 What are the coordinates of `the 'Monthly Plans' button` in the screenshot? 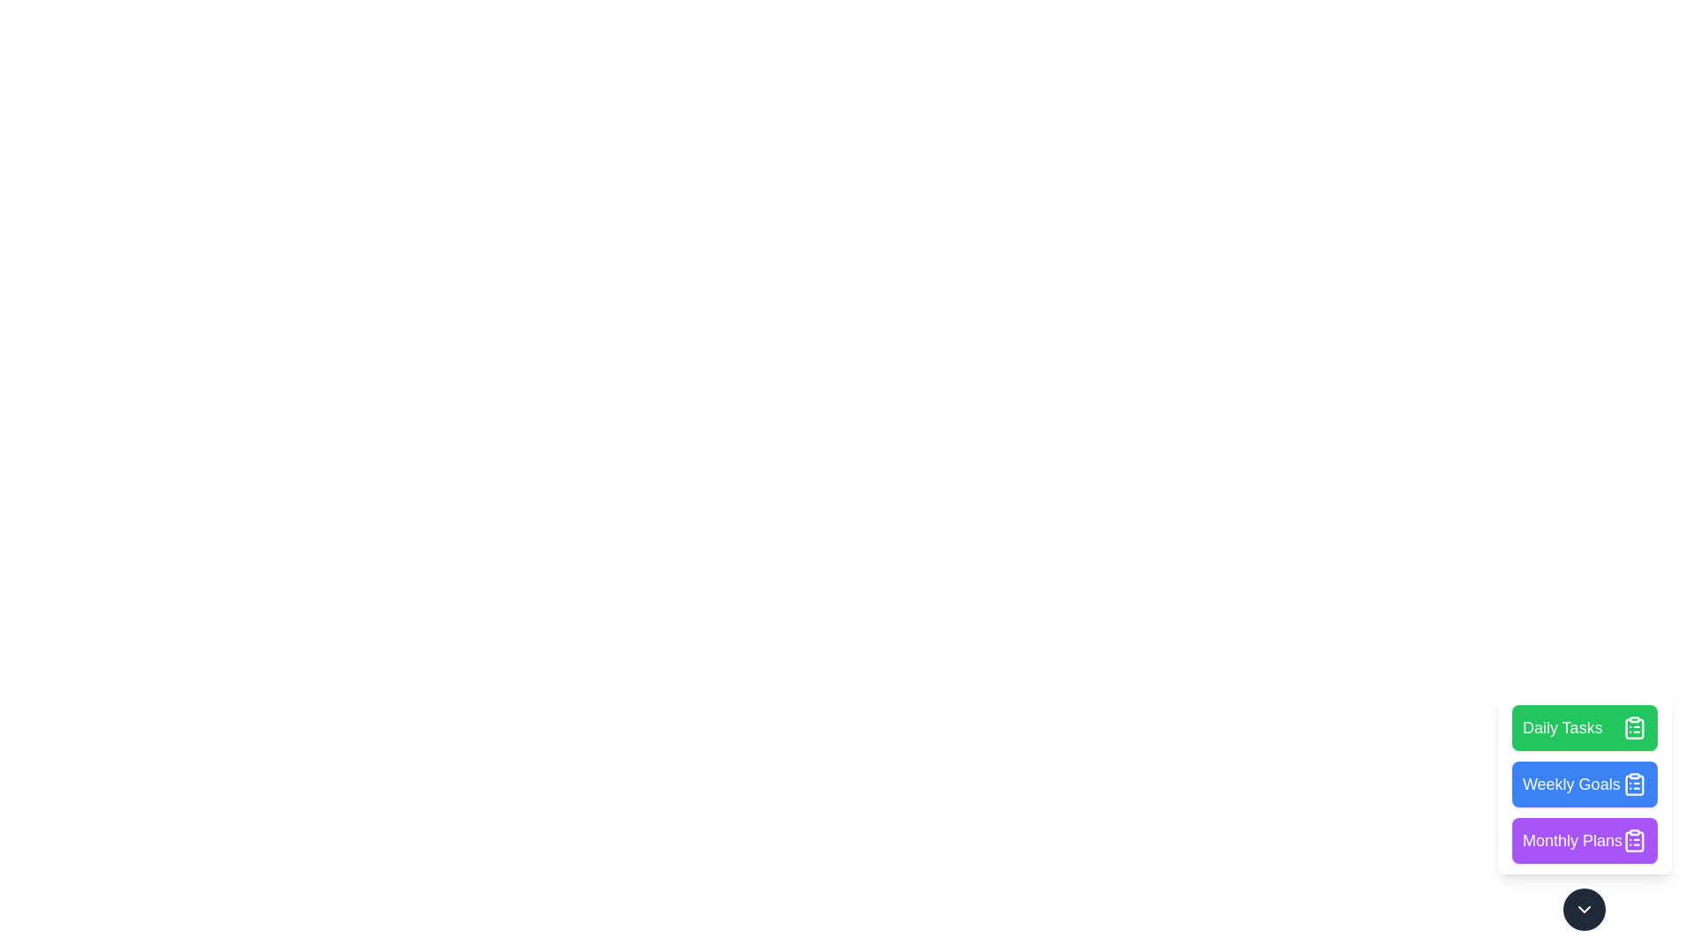 It's located at (1585, 839).